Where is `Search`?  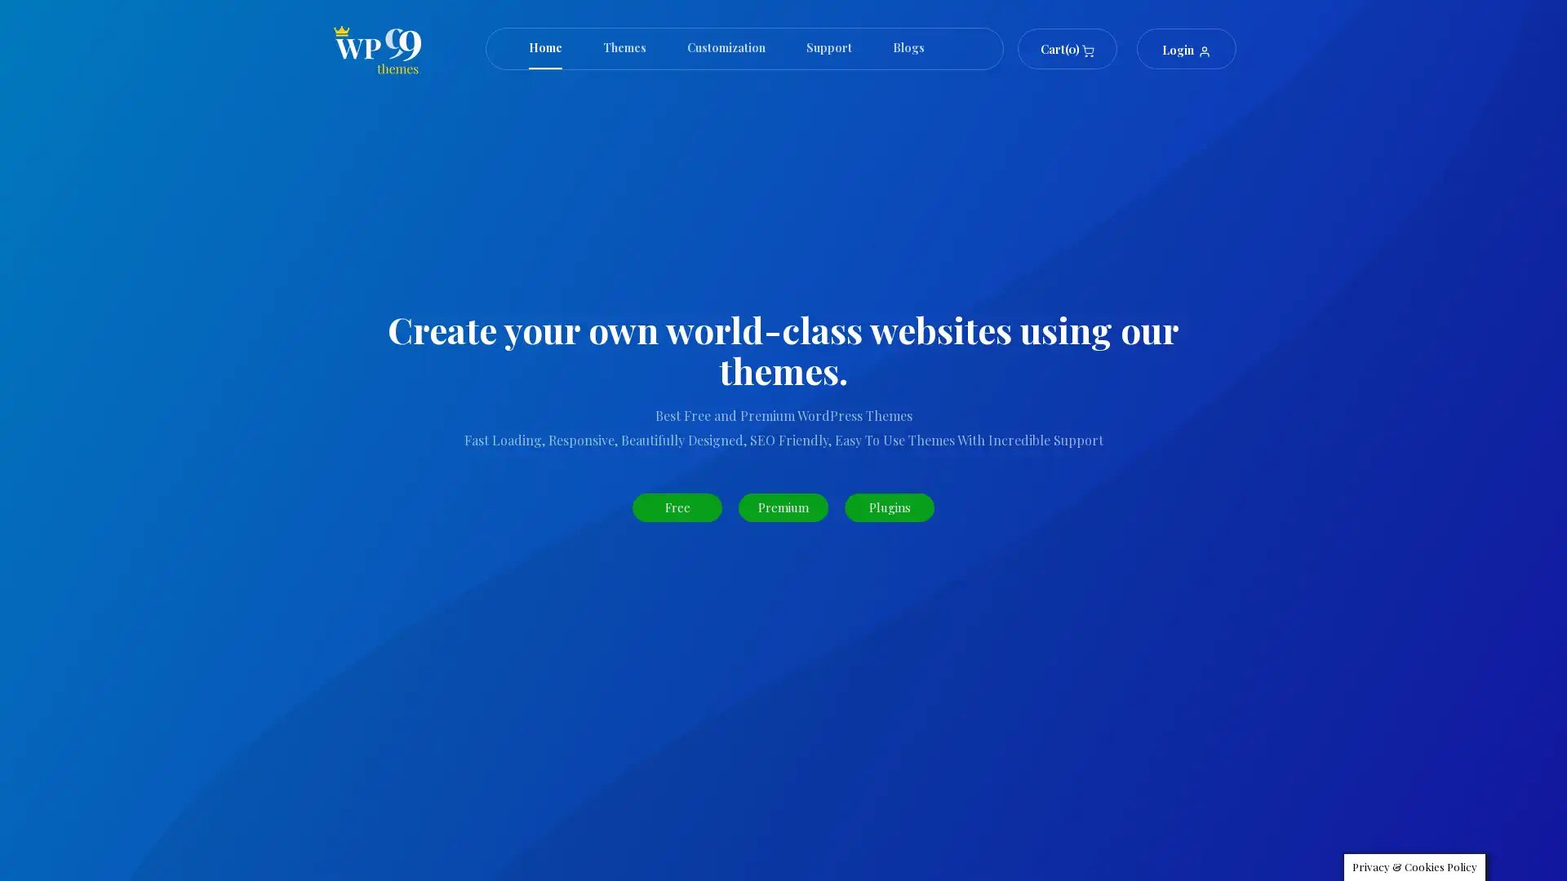 Search is located at coordinates (1057, 575).